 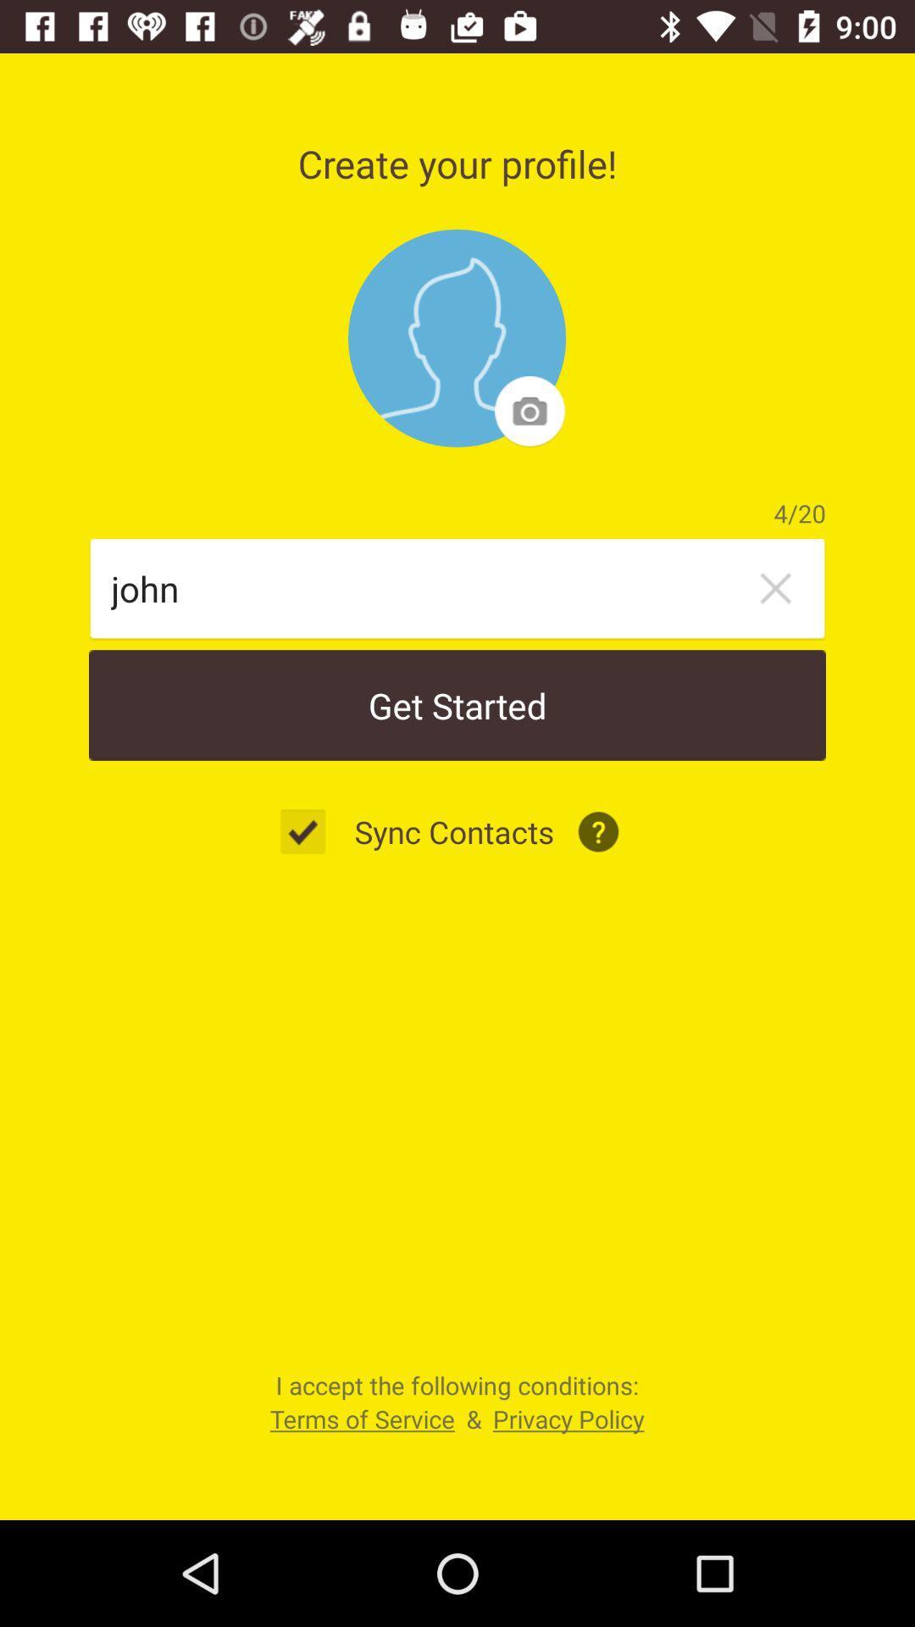 What do you see at coordinates (428, 588) in the screenshot?
I see `the john item` at bounding box center [428, 588].